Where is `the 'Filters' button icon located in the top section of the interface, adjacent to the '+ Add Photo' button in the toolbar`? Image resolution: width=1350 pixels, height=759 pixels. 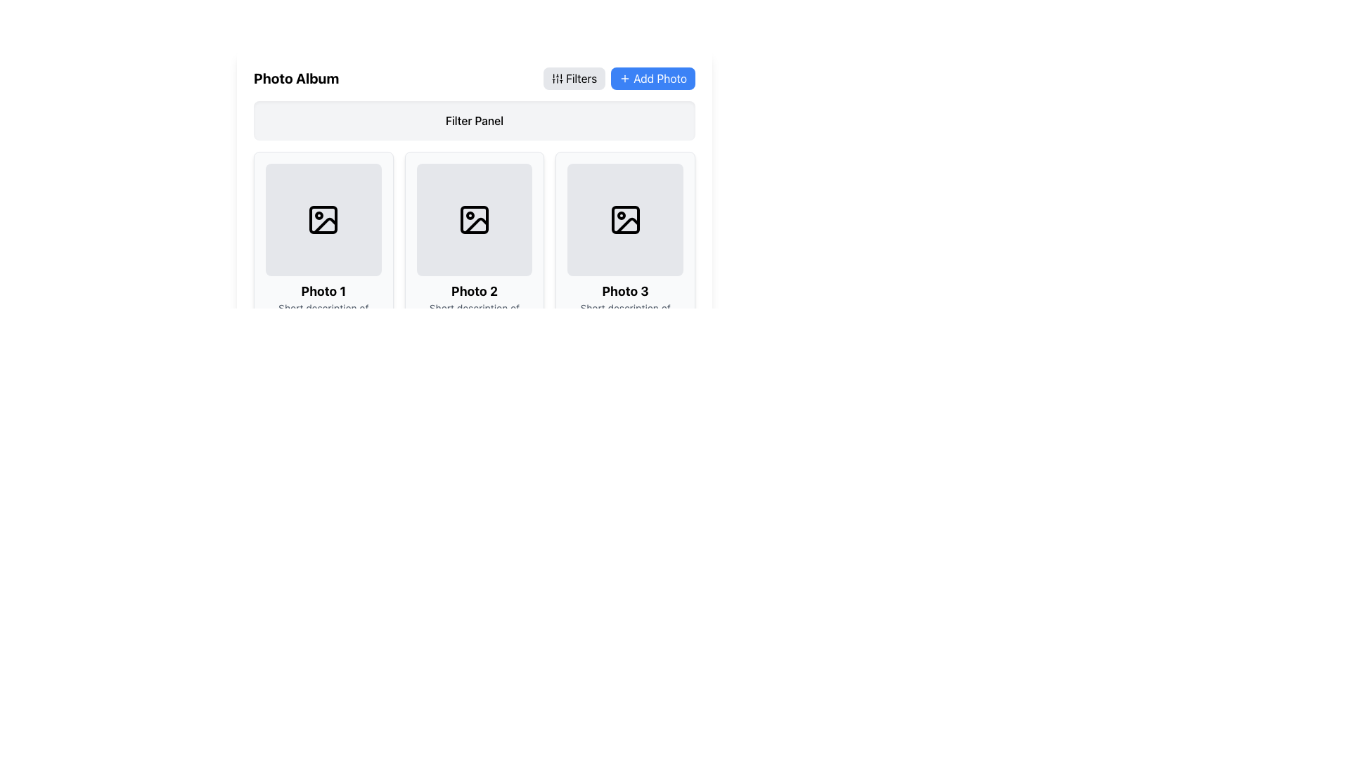 the 'Filters' button icon located in the top section of the interface, adjacent to the '+ Add Photo' button in the toolbar is located at coordinates (556, 78).